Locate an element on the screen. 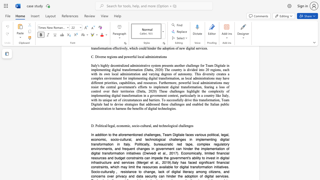 This screenshot has width=320, height=180. the subset text "aints, which may limit the resources available for digital transfo" within the text "l infrastructure and services (Mergel et al., 2019).Italy has faced significant financial constraints, which may limit the resources available for digital transformation initiatives. Socio-culturally" is located at coordinates (100, 167).